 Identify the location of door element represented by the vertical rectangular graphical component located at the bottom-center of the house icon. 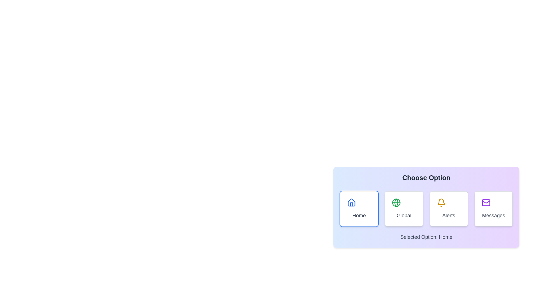
(351, 204).